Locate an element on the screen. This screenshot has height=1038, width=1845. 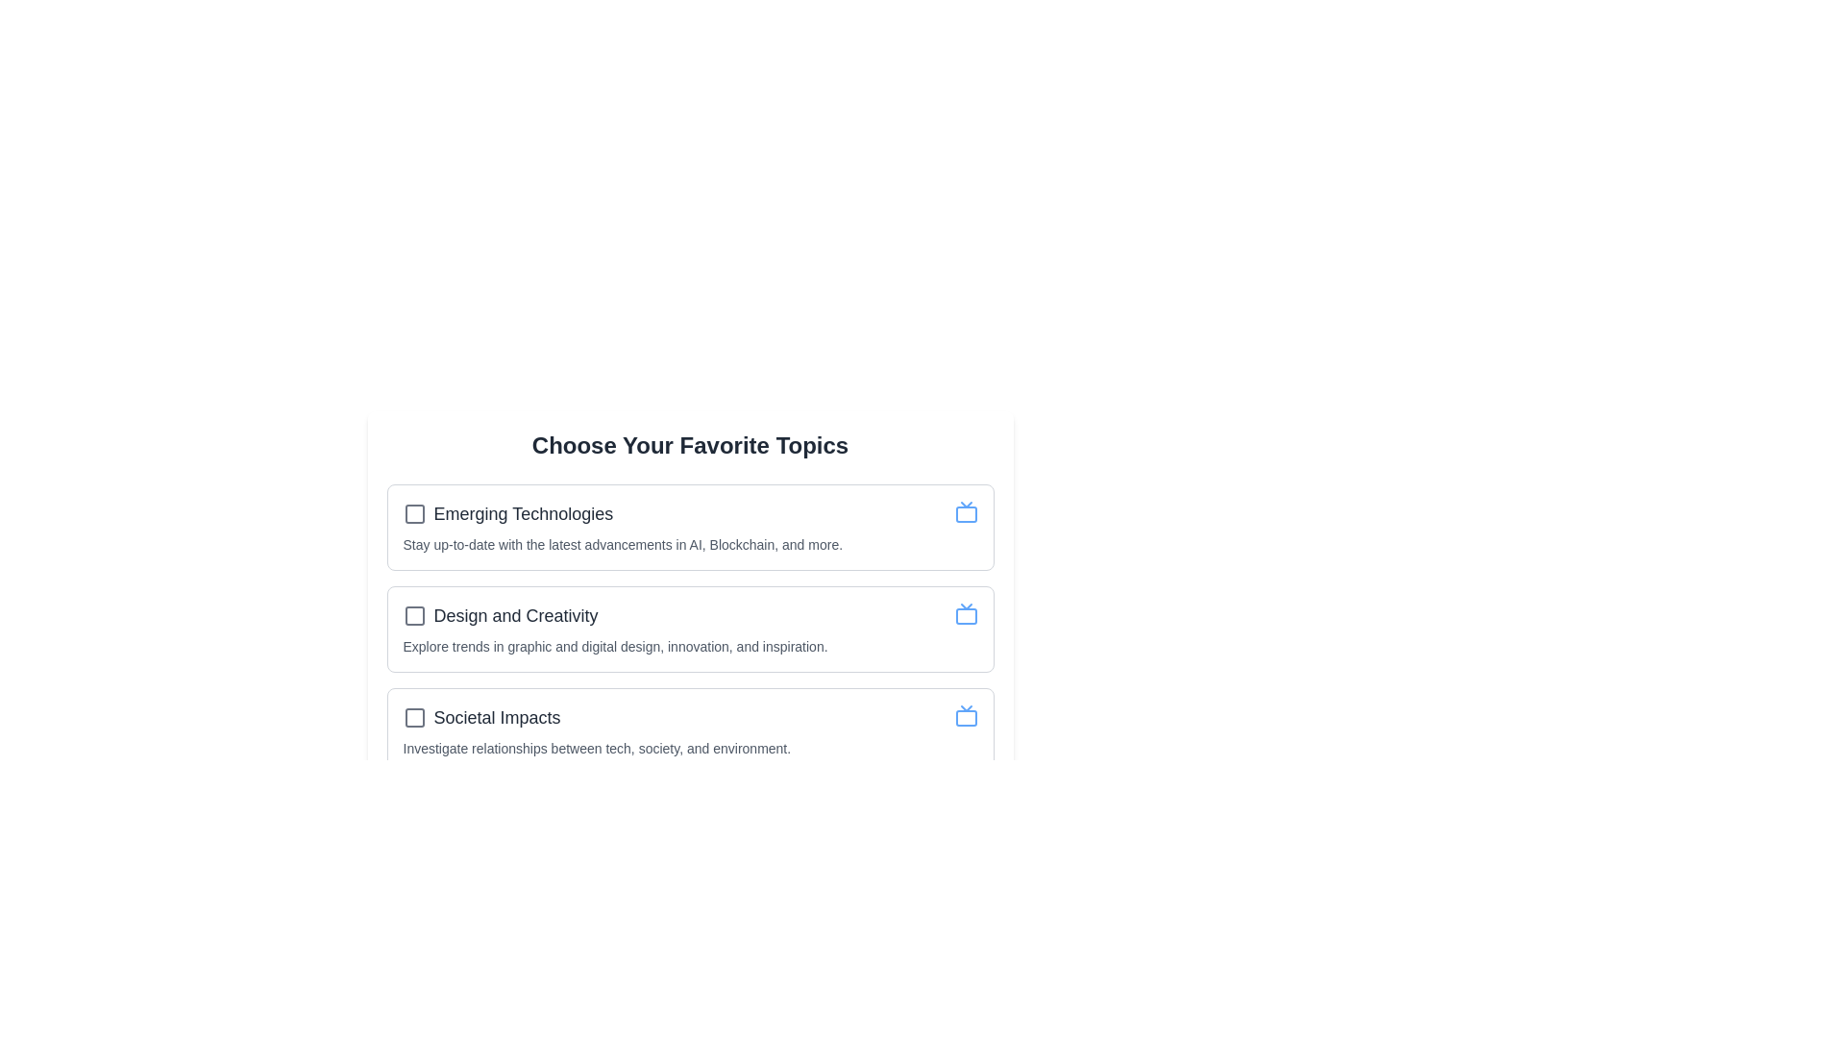
the 'Design and Creativity' panel section is located at coordinates (690, 630).